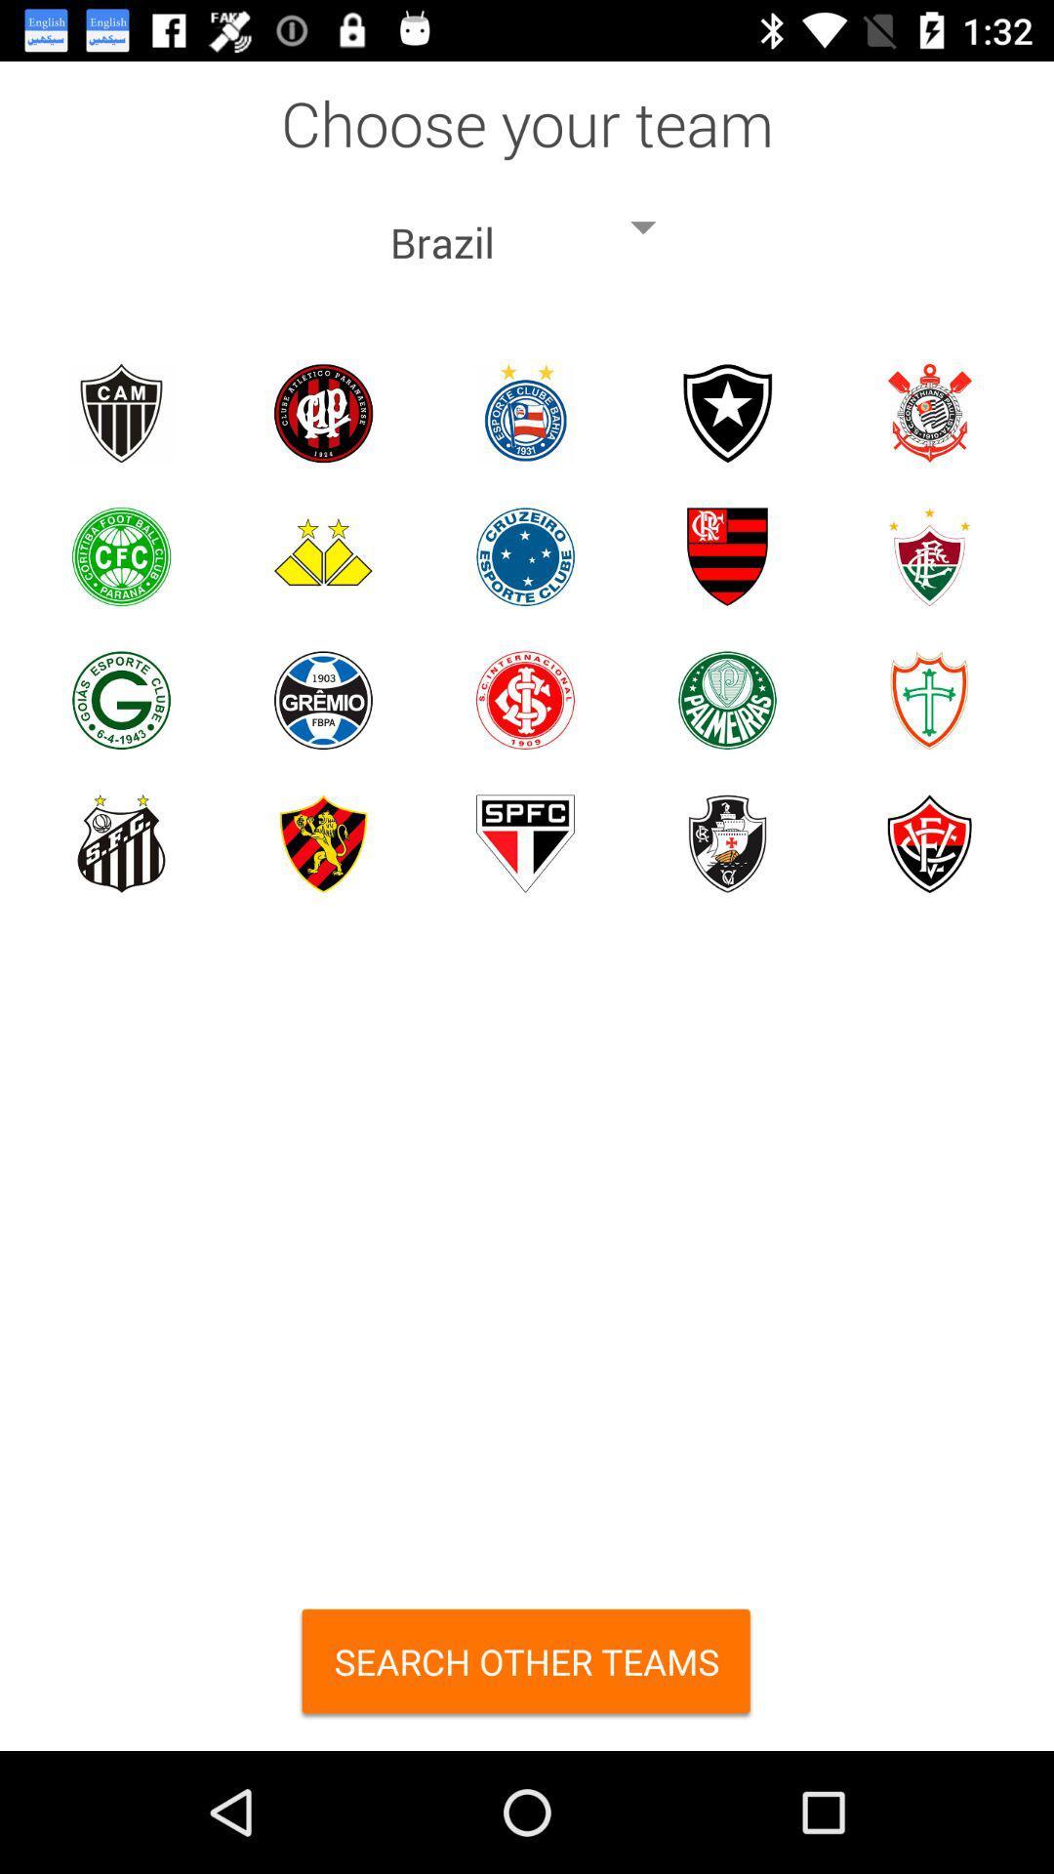  I want to click on pick this team, so click(928, 700).